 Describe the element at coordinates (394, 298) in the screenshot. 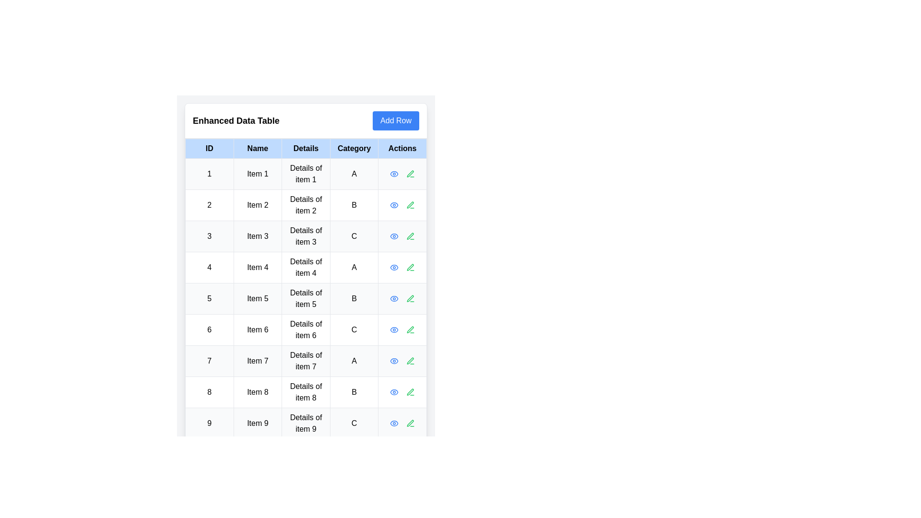

I see `the Icon button in the fifth row of the table's 'Actions' column` at that location.